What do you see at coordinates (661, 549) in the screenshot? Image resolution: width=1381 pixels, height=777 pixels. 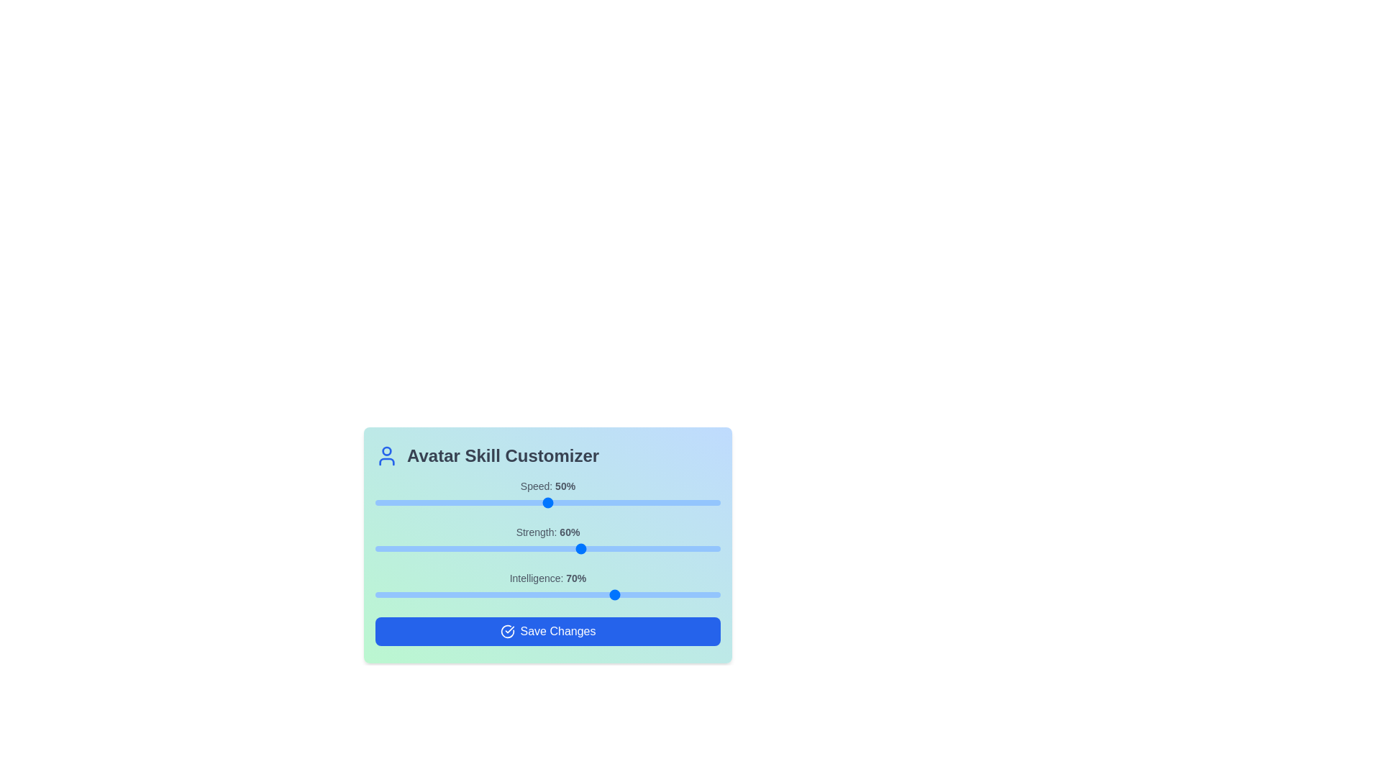 I see `strength` at bounding box center [661, 549].